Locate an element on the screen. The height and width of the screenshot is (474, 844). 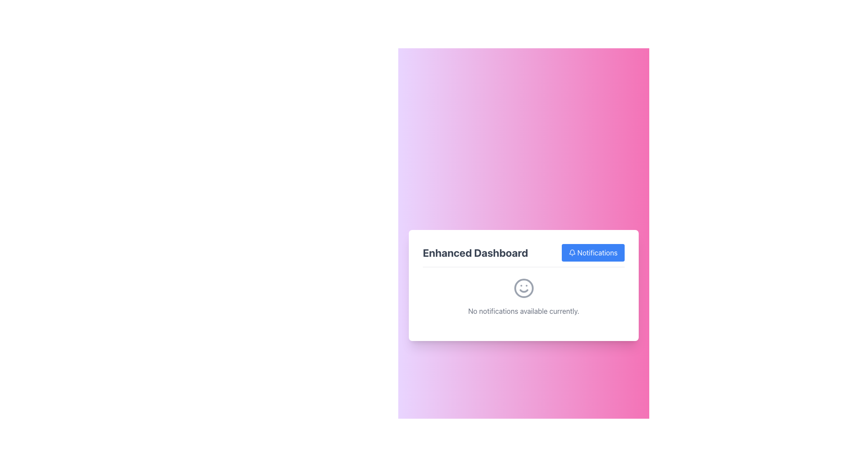
the notifications button located at the top-right corner of the 'Enhanced Dashboard' panel is located at coordinates (593, 252).